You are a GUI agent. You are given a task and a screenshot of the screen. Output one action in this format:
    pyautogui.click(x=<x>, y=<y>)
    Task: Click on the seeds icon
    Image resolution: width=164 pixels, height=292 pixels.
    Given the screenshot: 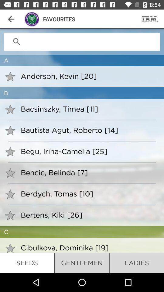 What is the action you would take?
    pyautogui.click(x=27, y=262)
    